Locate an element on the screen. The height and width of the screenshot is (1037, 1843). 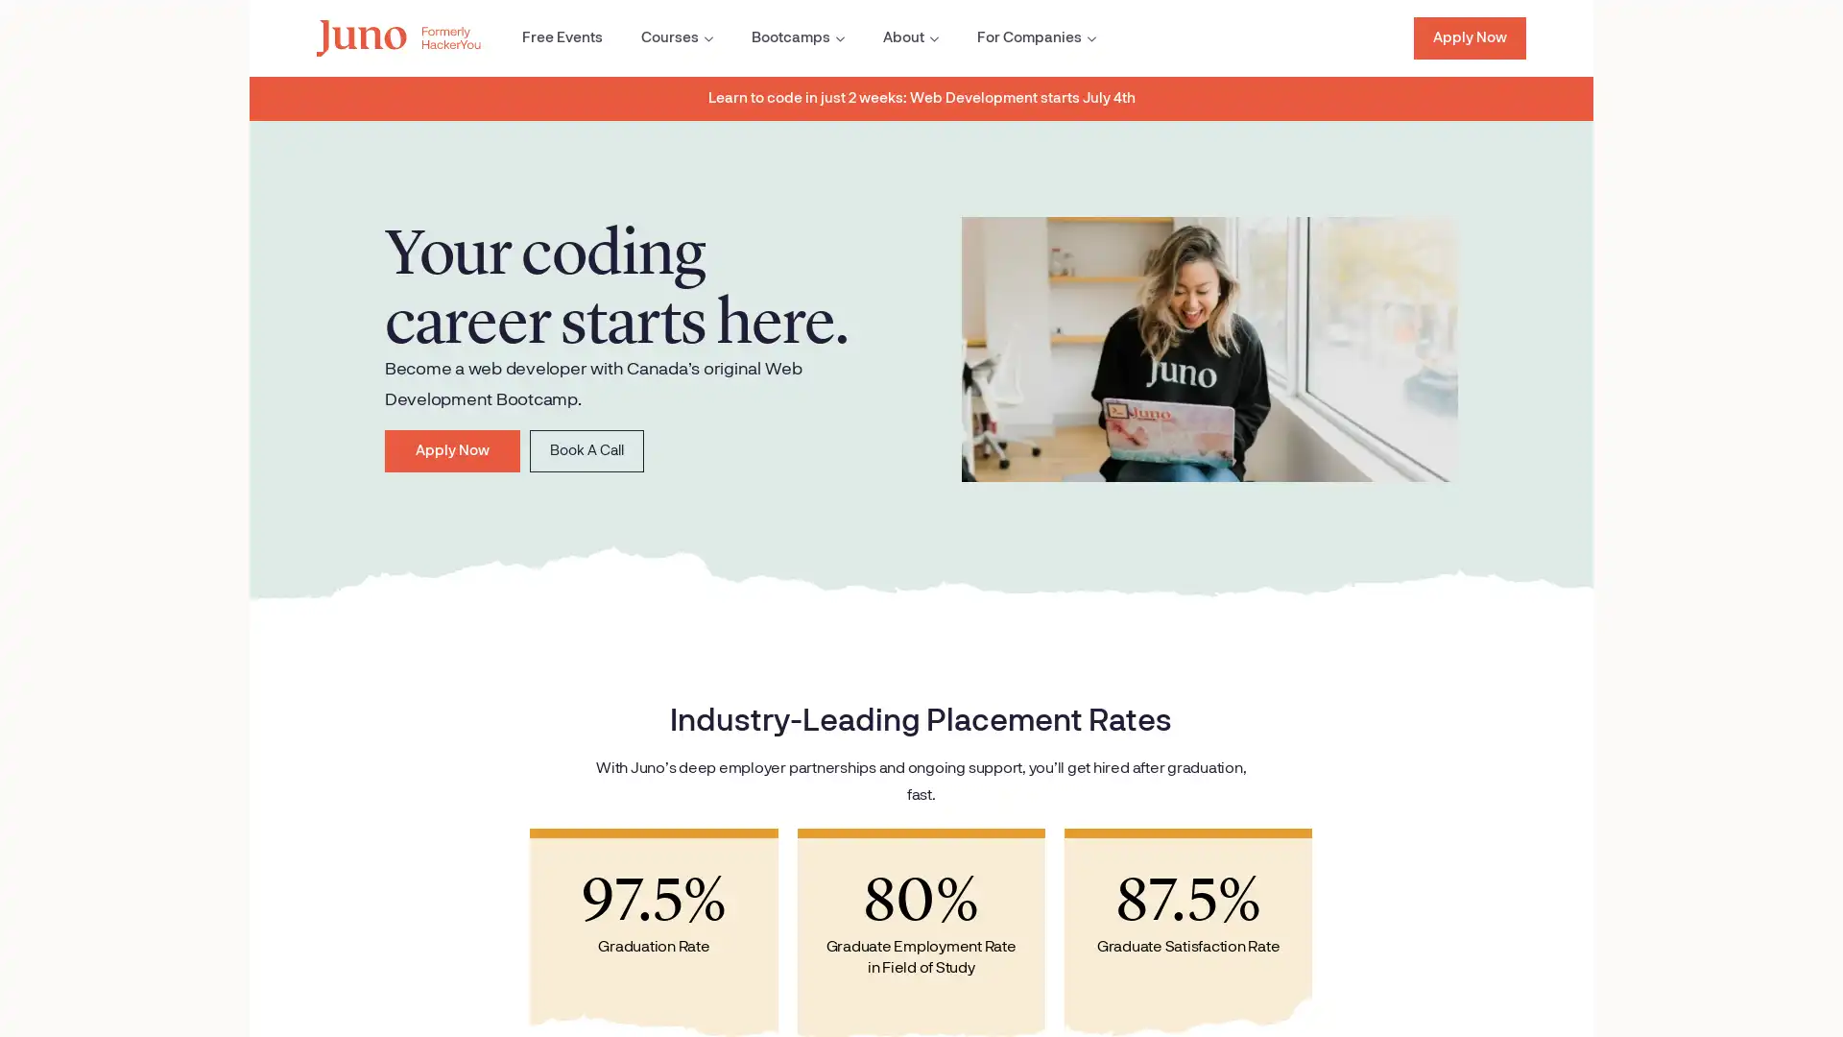
Close pop-up is located at coordinates (371, 771).